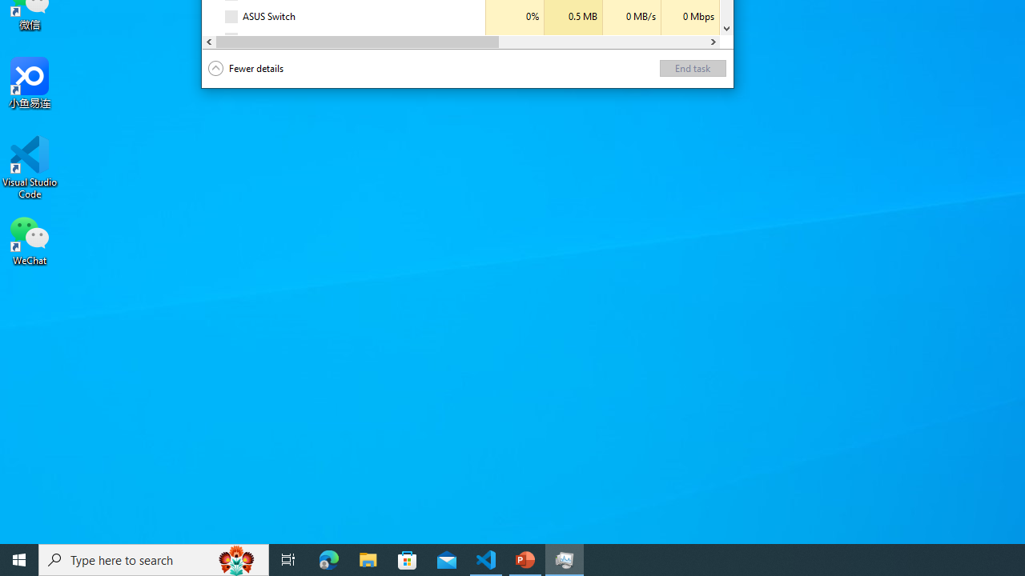 The height and width of the screenshot is (576, 1025). I want to click on 'Fewer details', so click(245, 68).